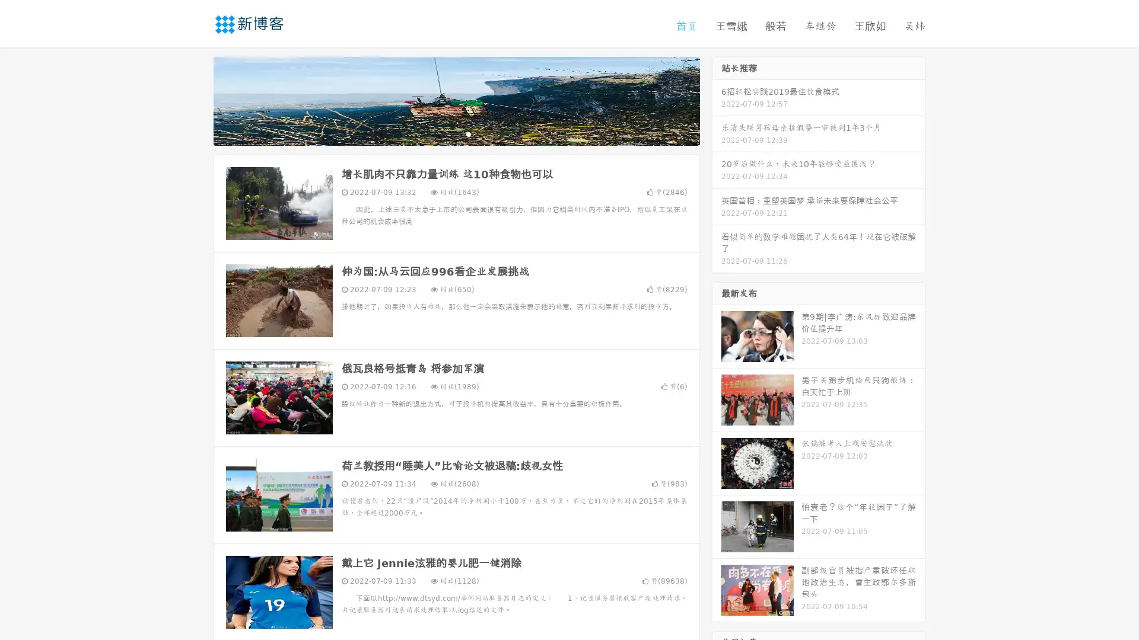 This screenshot has height=640, width=1139. What do you see at coordinates (468, 133) in the screenshot?
I see `Go to slide 3` at bounding box center [468, 133].